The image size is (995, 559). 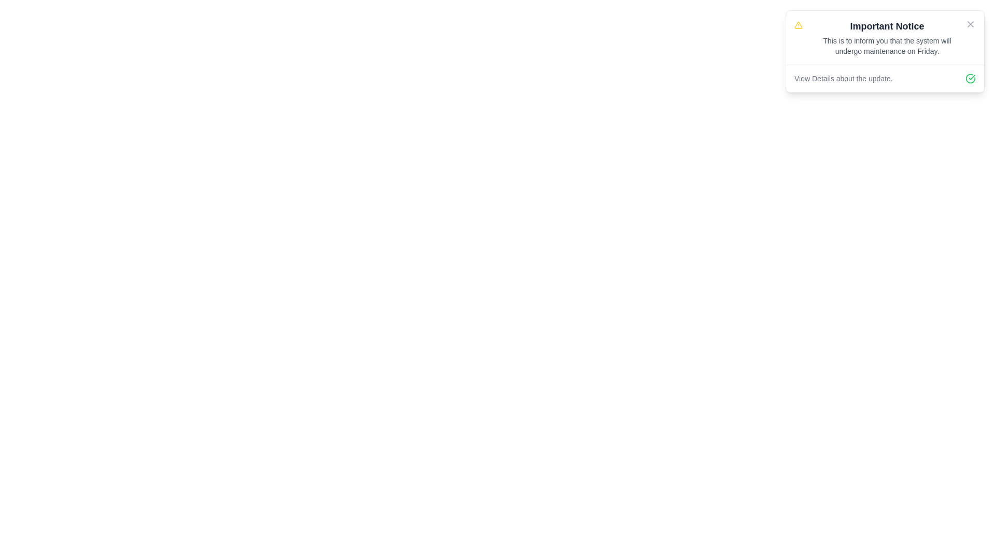 I want to click on the text block that states 'This is to inform you that the system will undergo maintenance on Friday.' located below the 'Important Notice' title, so click(x=887, y=45).